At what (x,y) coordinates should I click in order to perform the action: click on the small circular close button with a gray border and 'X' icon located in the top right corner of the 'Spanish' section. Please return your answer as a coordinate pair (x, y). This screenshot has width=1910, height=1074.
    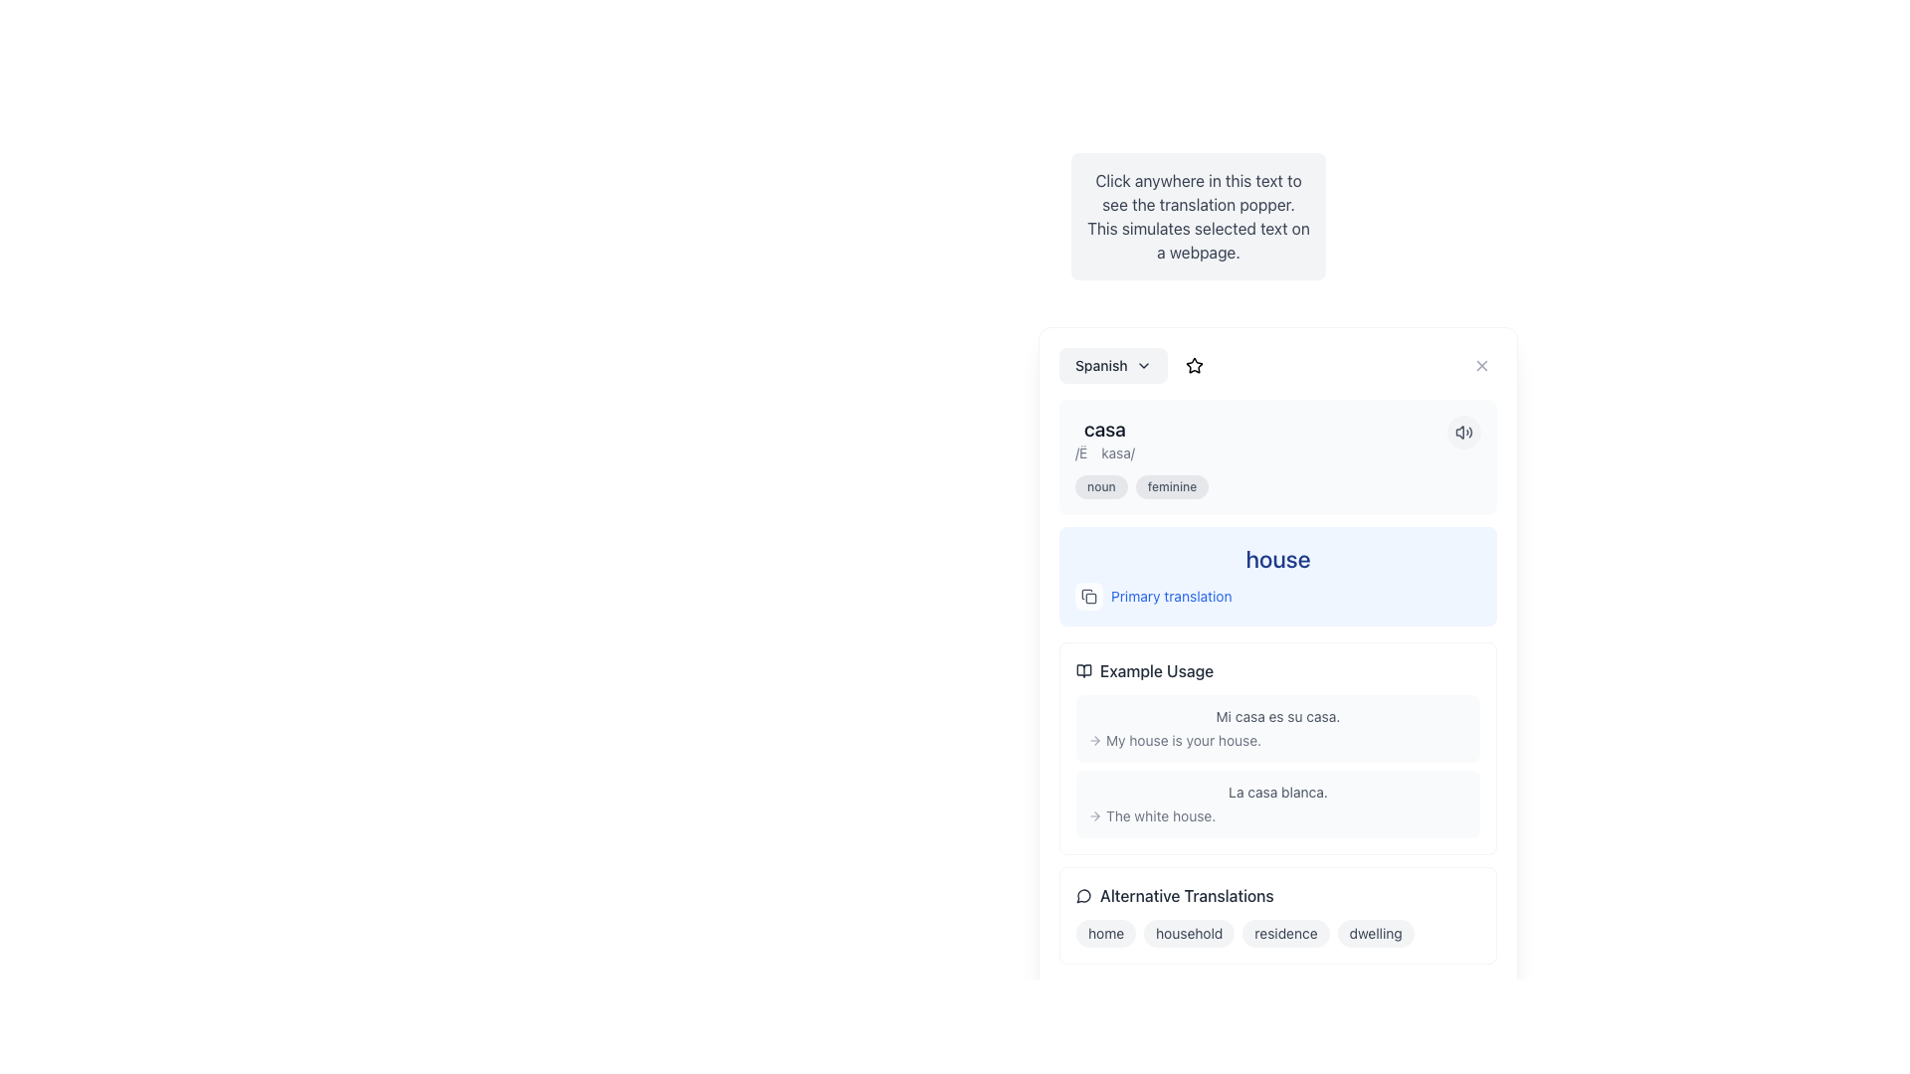
    Looking at the image, I should click on (1481, 365).